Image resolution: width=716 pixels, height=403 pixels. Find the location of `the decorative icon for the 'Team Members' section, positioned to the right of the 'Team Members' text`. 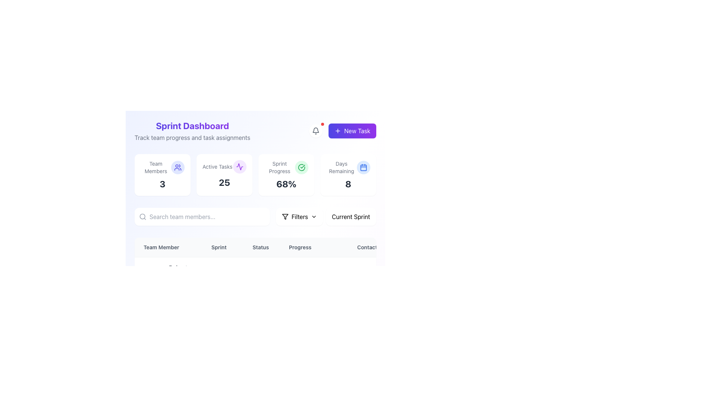

the decorative icon for the 'Team Members' section, positioned to the right of the 'Team Members' text is located at coordinates (177, 167).